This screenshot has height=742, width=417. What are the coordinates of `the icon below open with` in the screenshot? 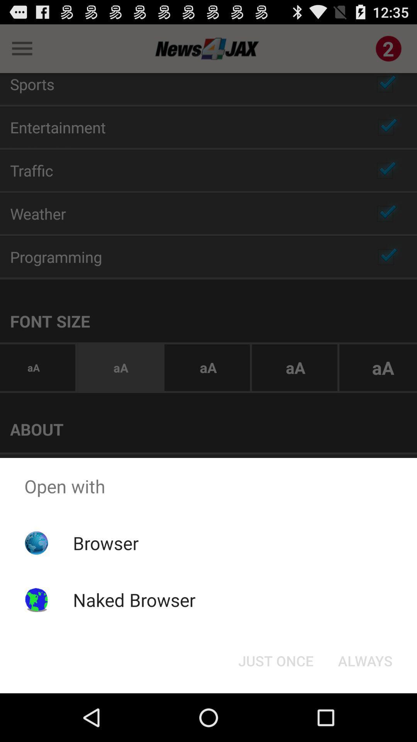 It's located at (365, 660).